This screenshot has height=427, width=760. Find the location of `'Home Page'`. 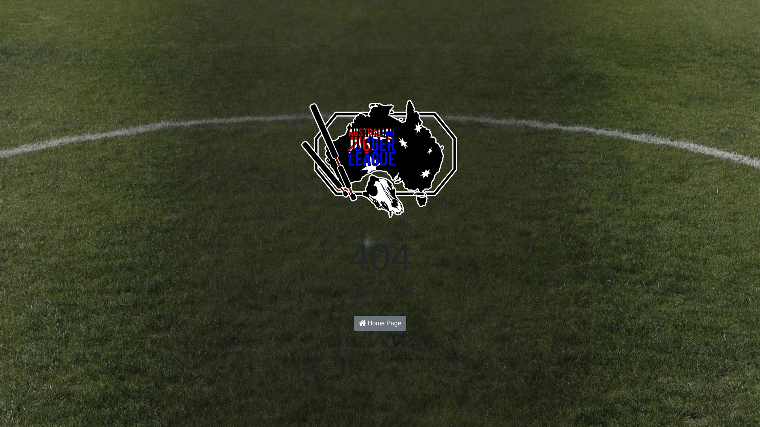

'Home Page' is located at coordinates (380, 323).